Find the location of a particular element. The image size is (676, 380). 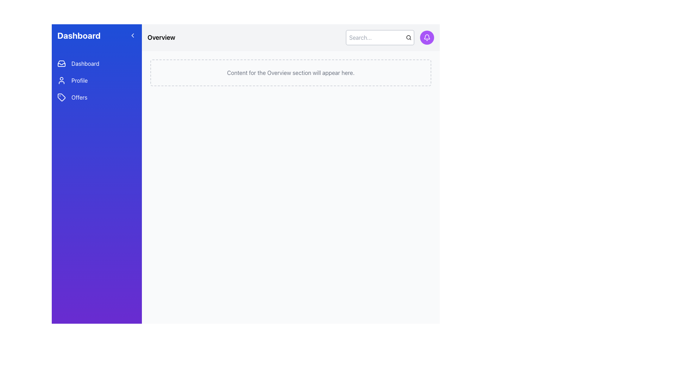

the uniquely-shaped icon resembling a tag or label located in the vertical menu on the left-hand side is located at coordinates (61, 97).